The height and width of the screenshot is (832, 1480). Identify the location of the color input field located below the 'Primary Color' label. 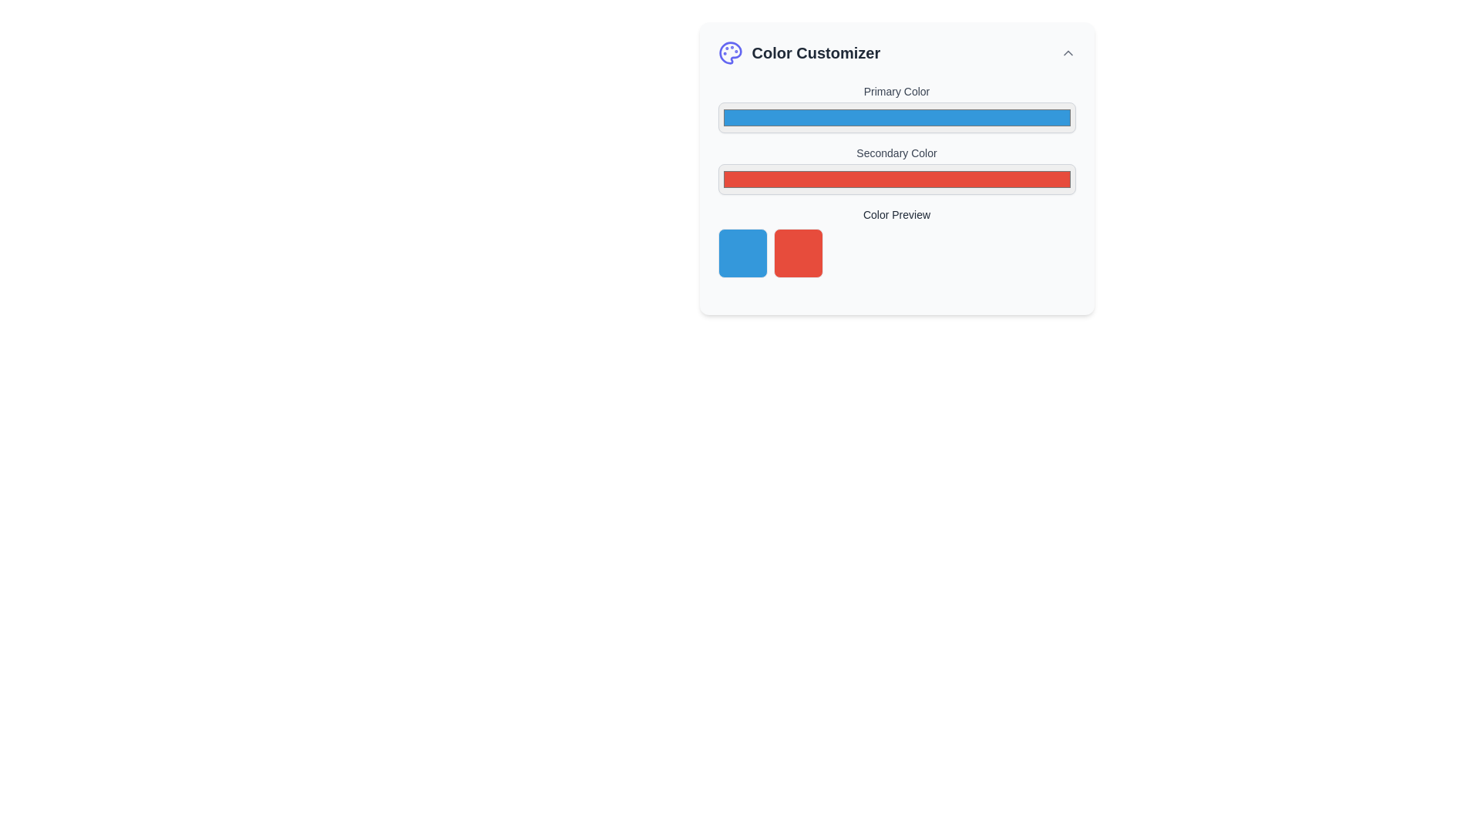
(896, 117).